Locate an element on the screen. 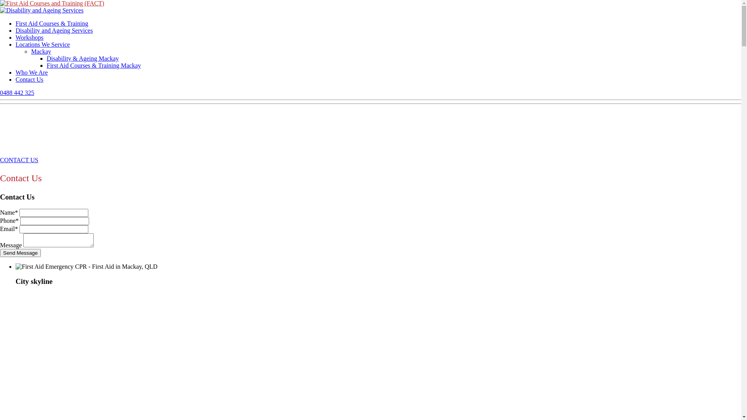  'First Aid Courses & Training' is located at coordinates (51, 23).